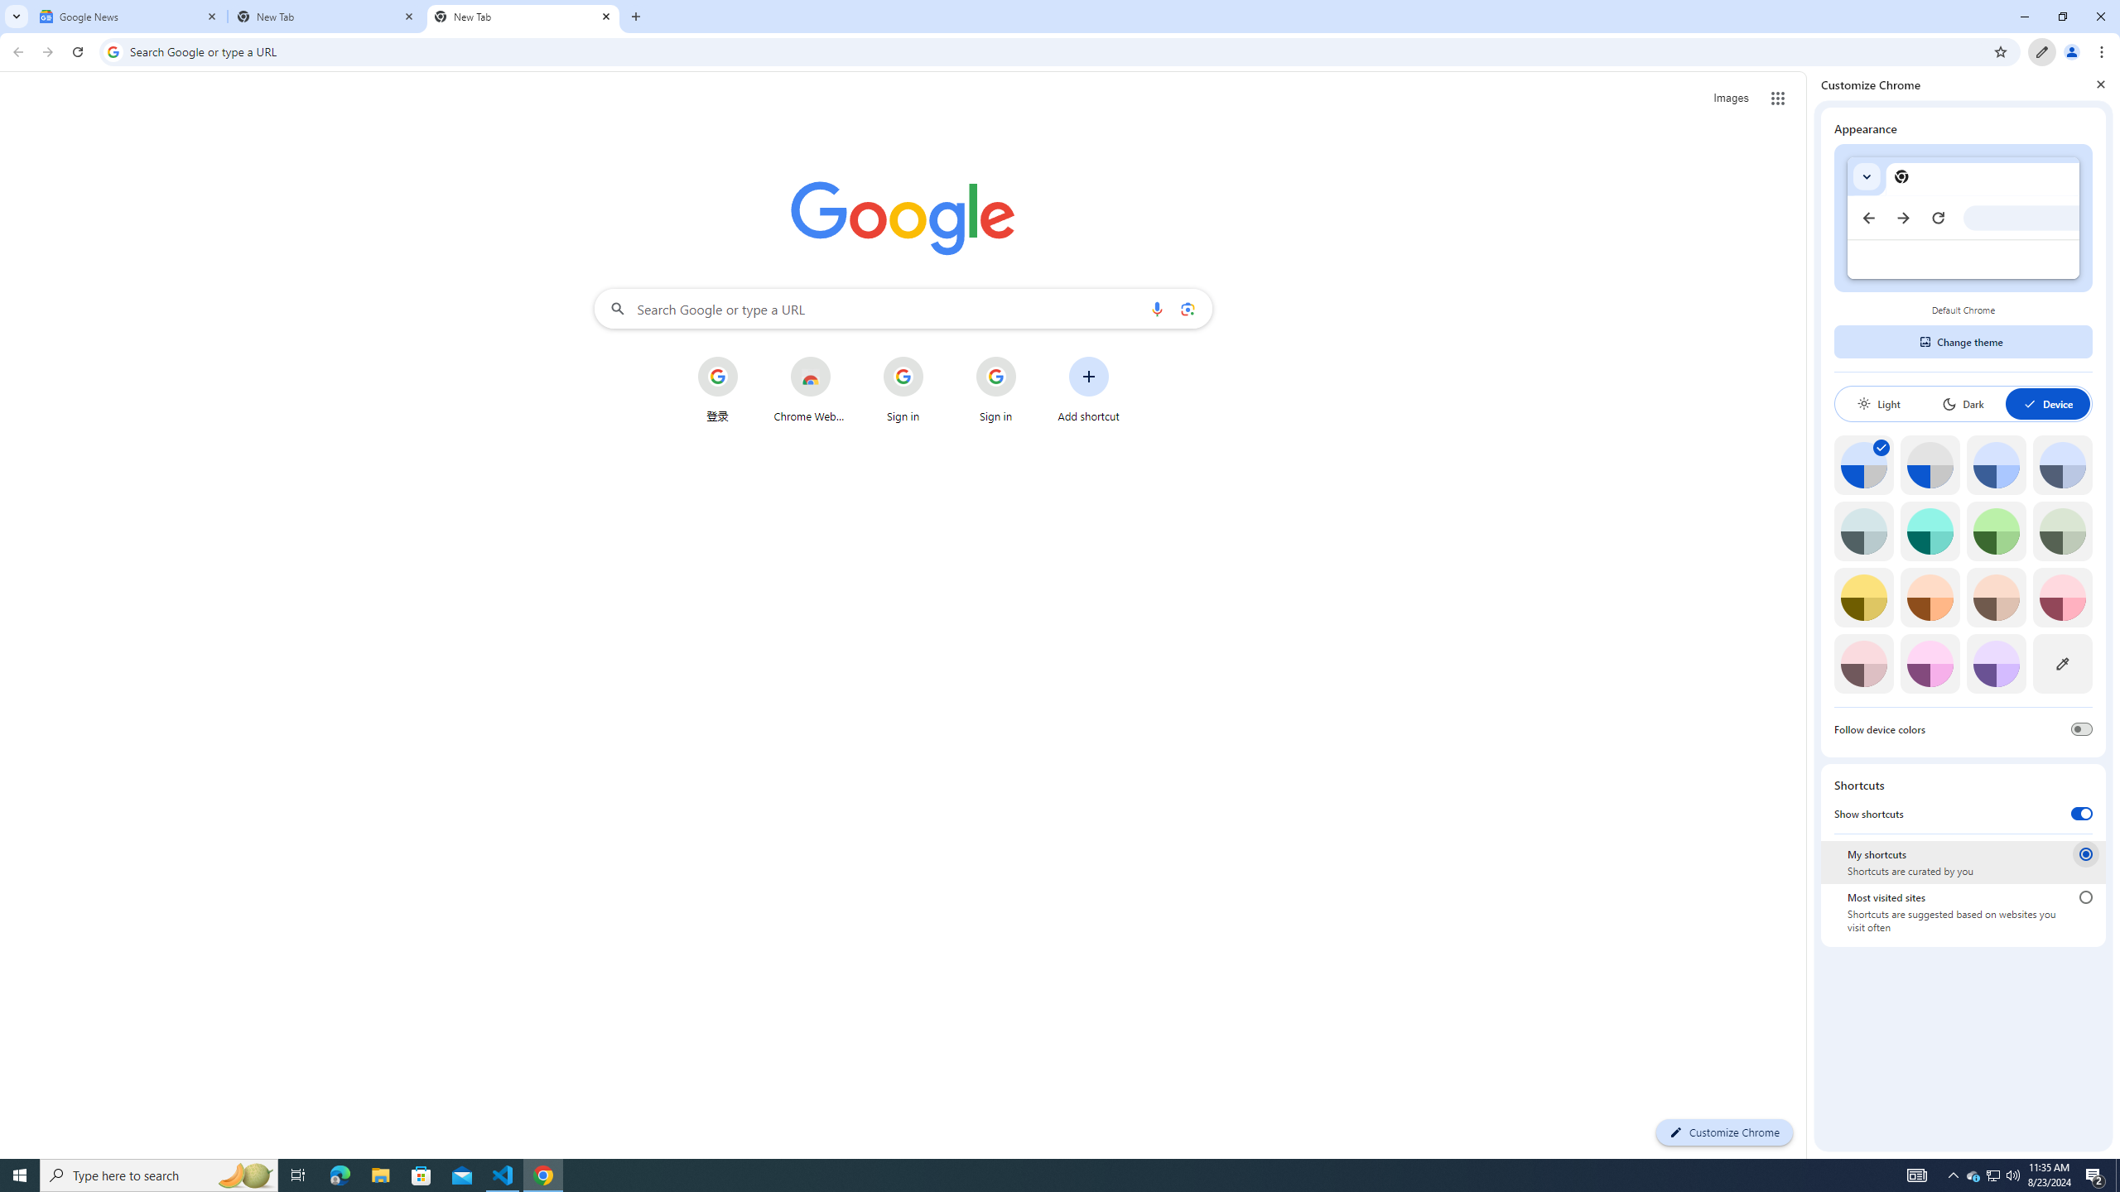 The width and height of the screenshot is (2120, 1192). What do you see at coordinates (1157, 307) in the screenshot?
I see `'Search by voice'` at bounding box center [1157, 307].